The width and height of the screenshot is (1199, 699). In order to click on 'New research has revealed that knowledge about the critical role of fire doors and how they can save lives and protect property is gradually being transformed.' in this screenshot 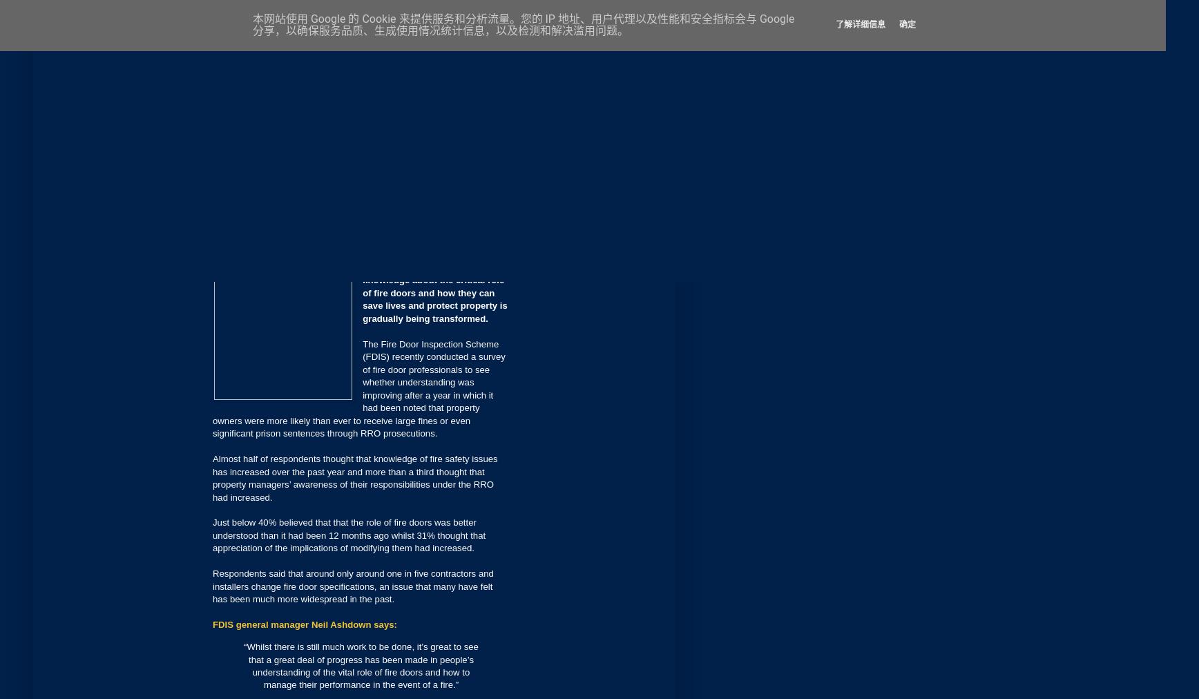, I will do `click(362, 292)`.